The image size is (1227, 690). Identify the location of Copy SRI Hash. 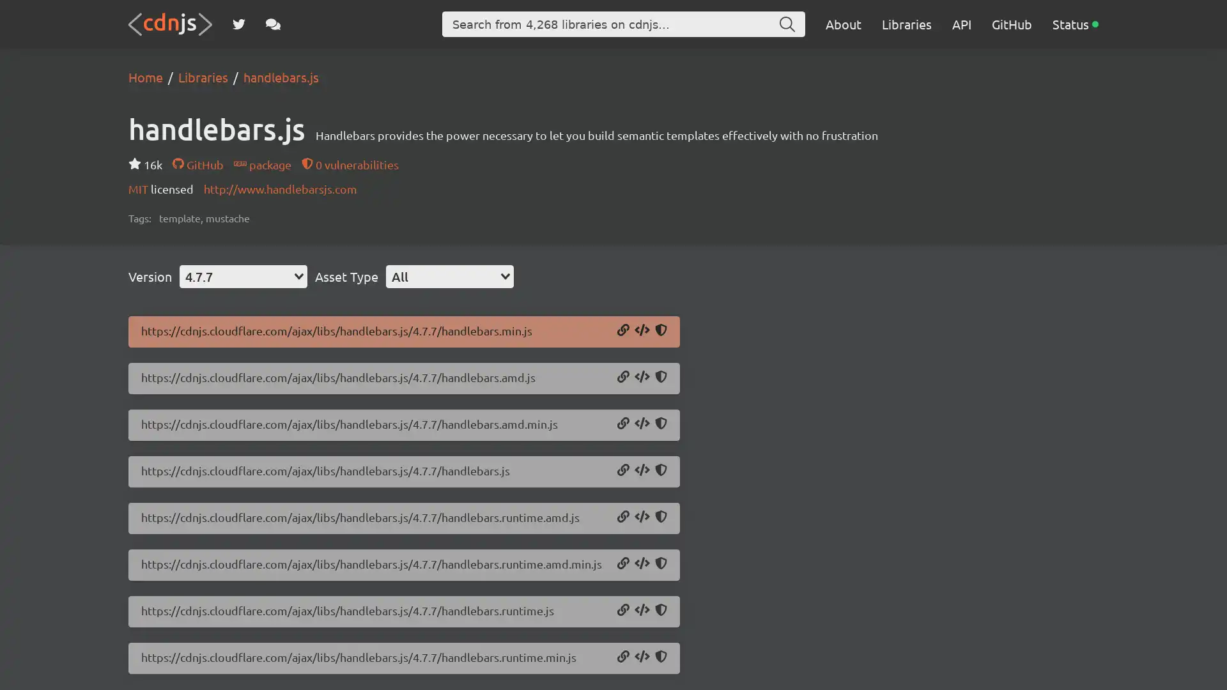
(661, 610).